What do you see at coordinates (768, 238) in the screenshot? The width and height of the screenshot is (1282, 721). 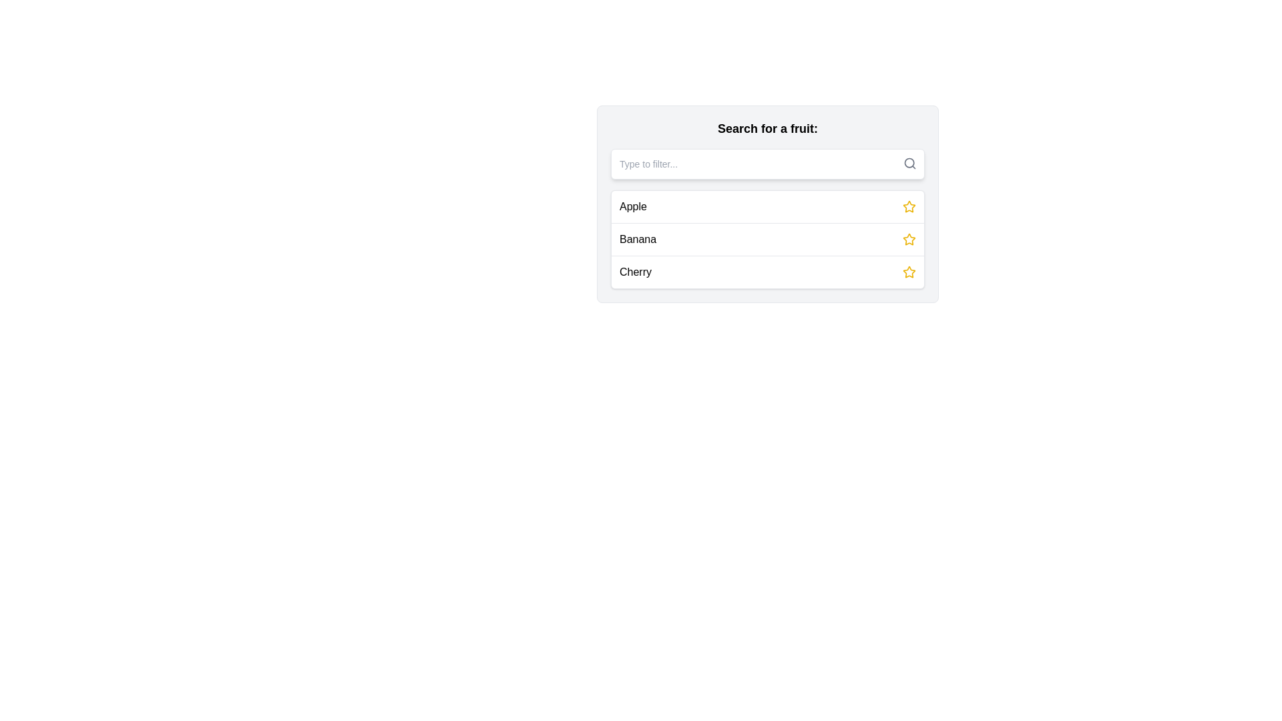 I see `the selectable list item labeled 'Banana'` at bounding box center [768, 238].